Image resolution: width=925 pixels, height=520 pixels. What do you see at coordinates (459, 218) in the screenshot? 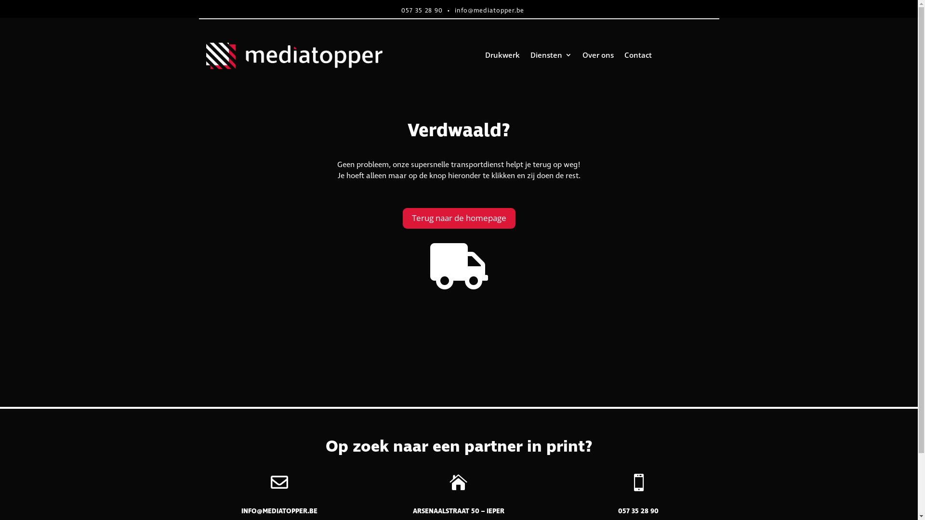
I see `'Terug naar de homepage'` at bounding box center [459, 218].